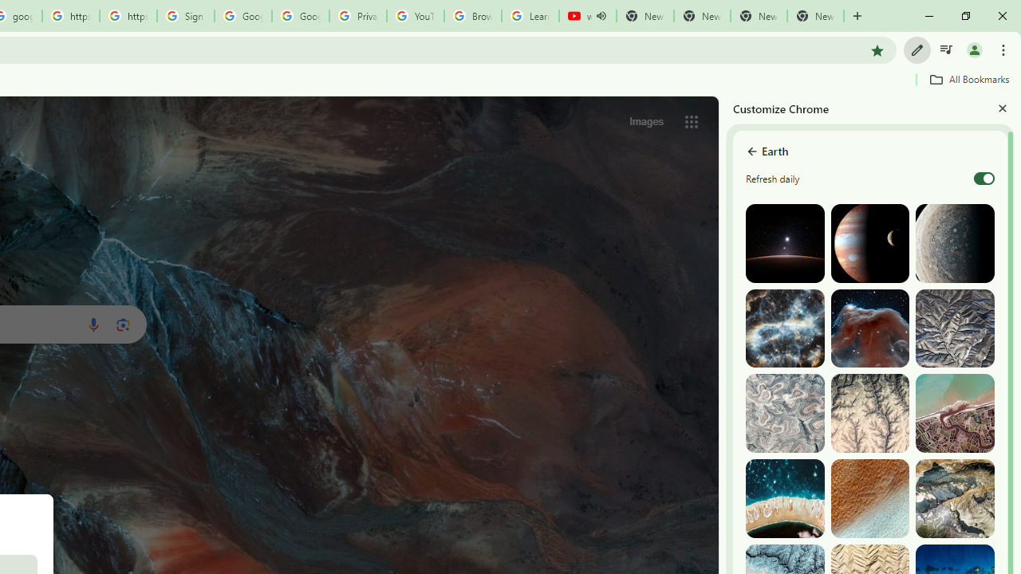 This screenshot has height=574, width=1021. What do you see at coordinates (968, 79) in the screenshot?
I see `'All Bookmarks'` at bounding box center [968, 79].